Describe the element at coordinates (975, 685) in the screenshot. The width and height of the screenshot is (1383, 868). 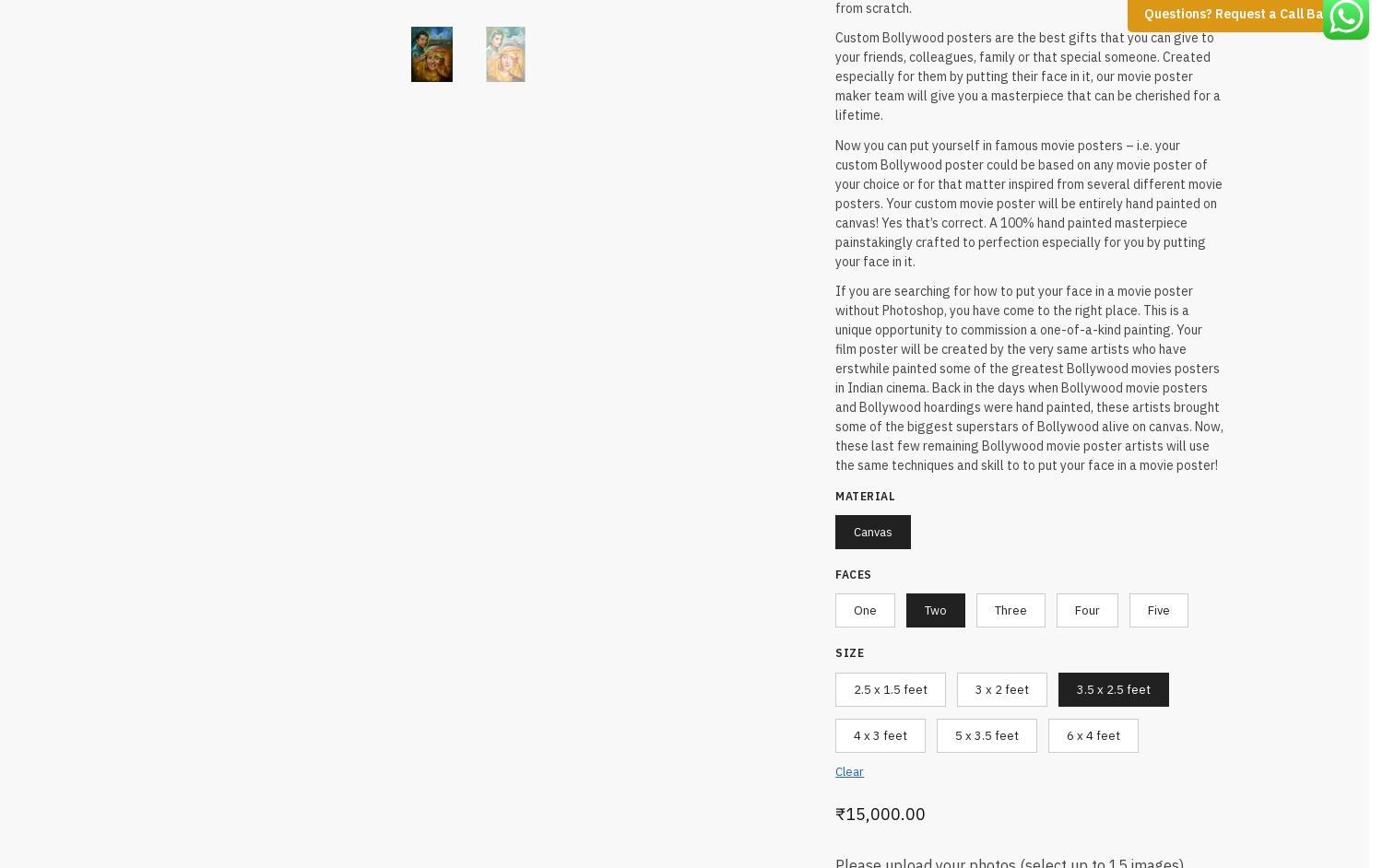
I see `'3 x 2 feet'` at that location.